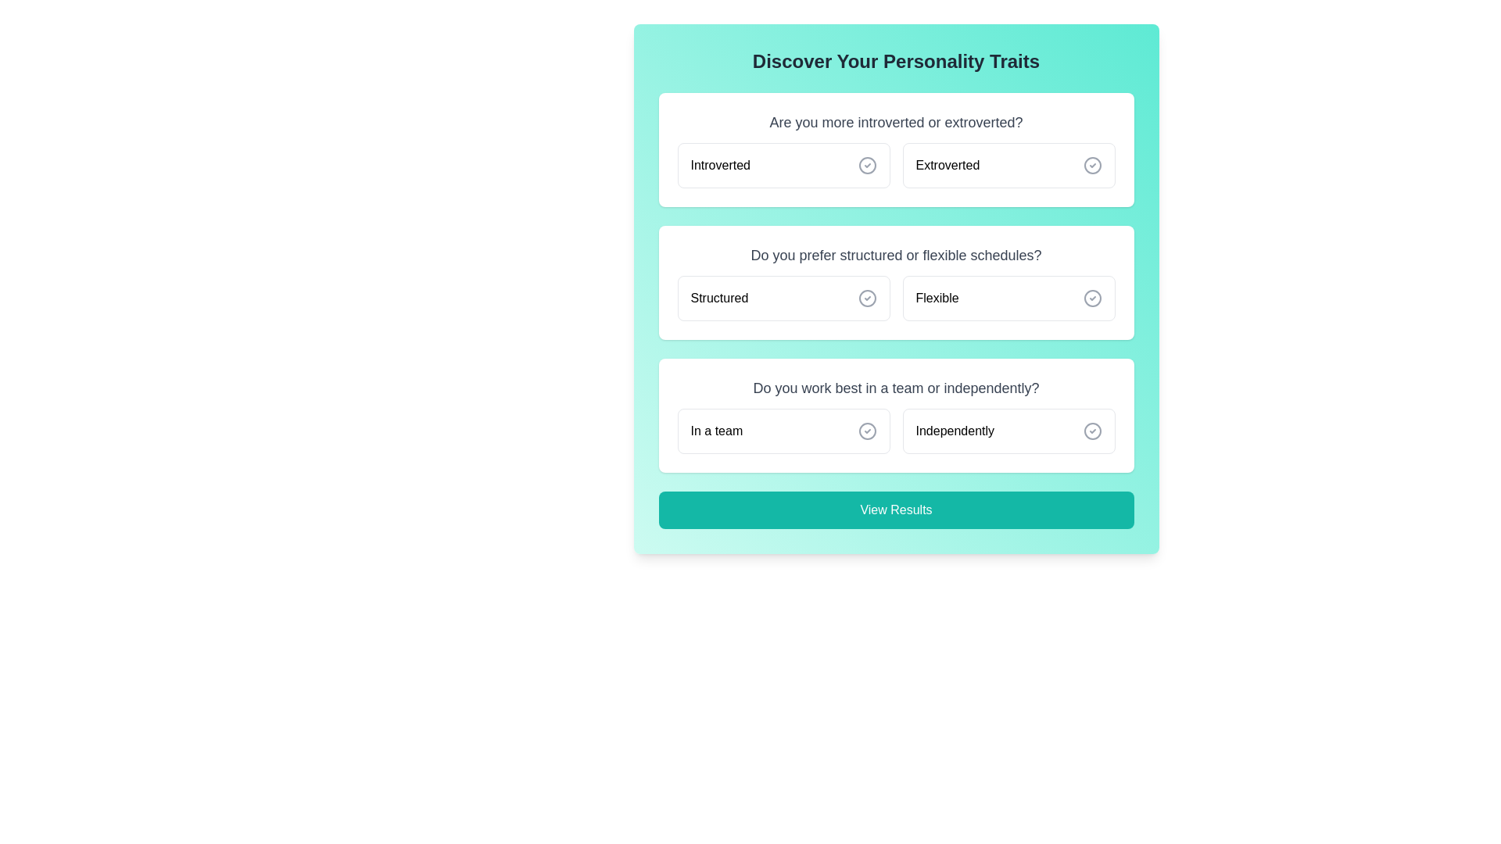 Image resolution: width=1501 pixels, height=844 pixels. What do you see at coordinates (896, 510) in the screenshot?
I see `the submit button at the bottom of the mint-green card that displays personality-related questions` at bounding box center [896, 510].